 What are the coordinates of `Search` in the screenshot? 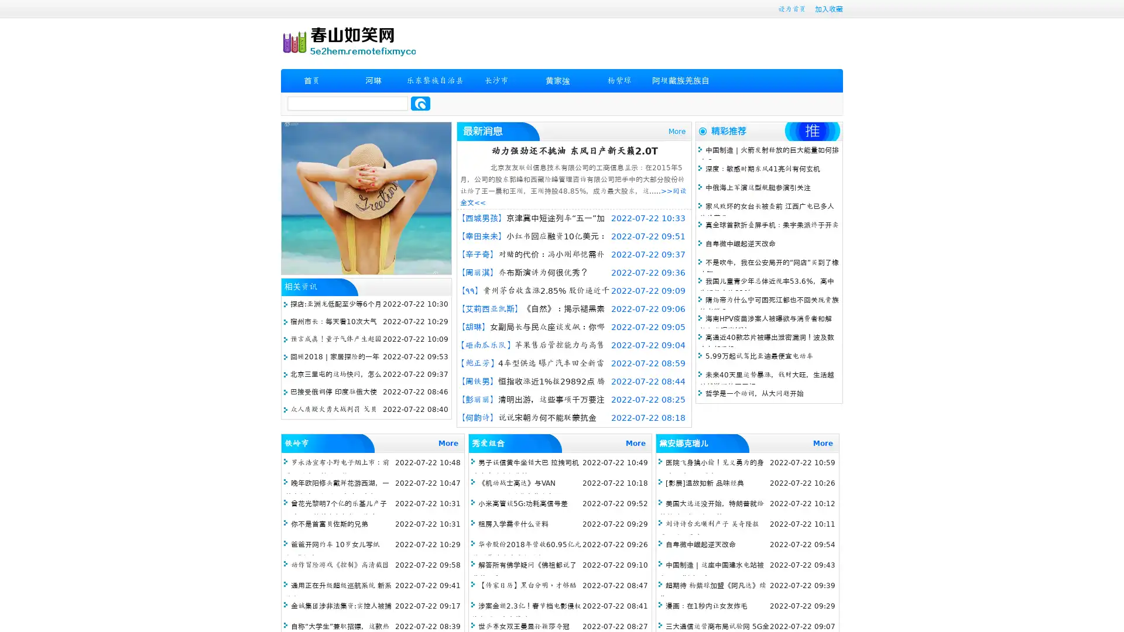 It's located at (420, 103).